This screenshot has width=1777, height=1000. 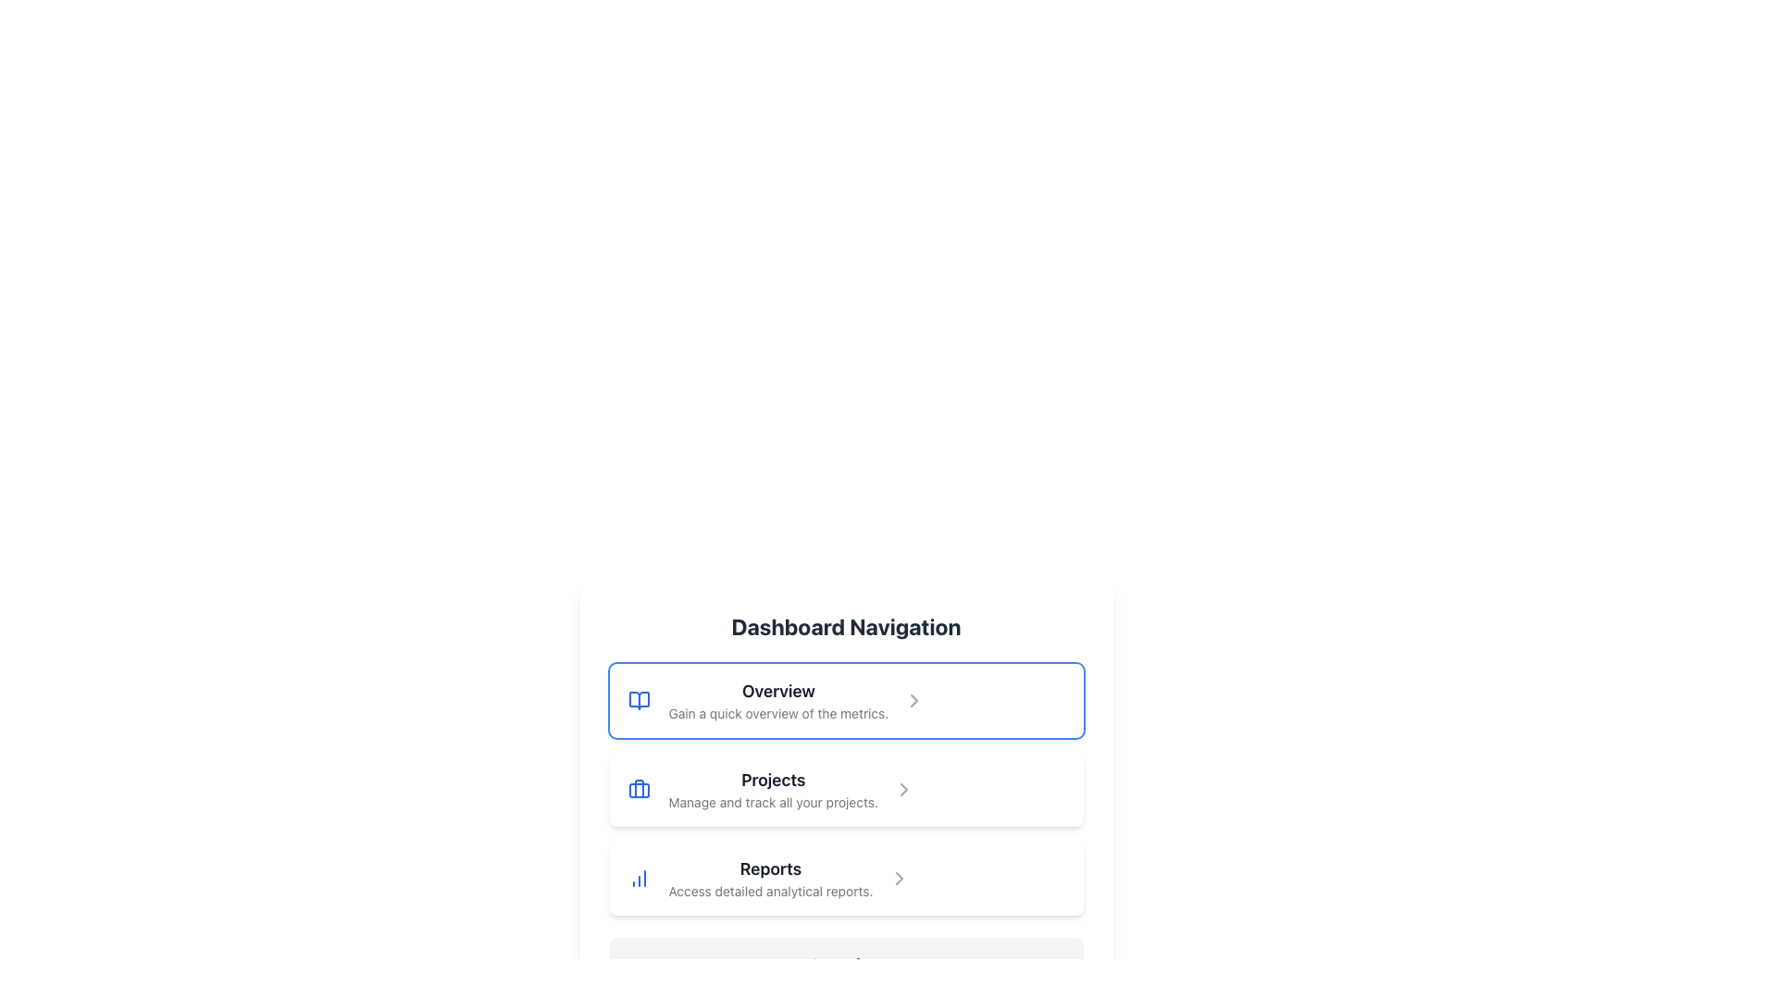 I want to click on the 'Reports' text label, which is prominently displayed in bold dark gray above the descriptive text 'Access detailed analytical reports.', so click(x=771, y=869).